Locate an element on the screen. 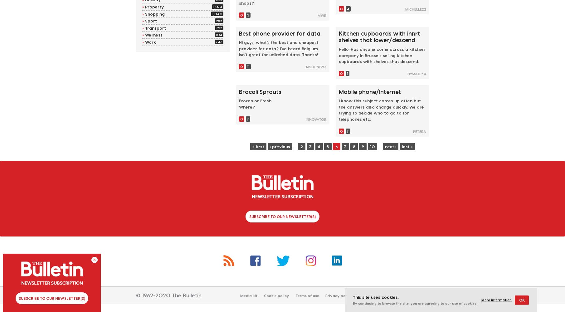 The width and height of the screenshot is (565, 312). 'Sport' is located at coordinates (150, 20).